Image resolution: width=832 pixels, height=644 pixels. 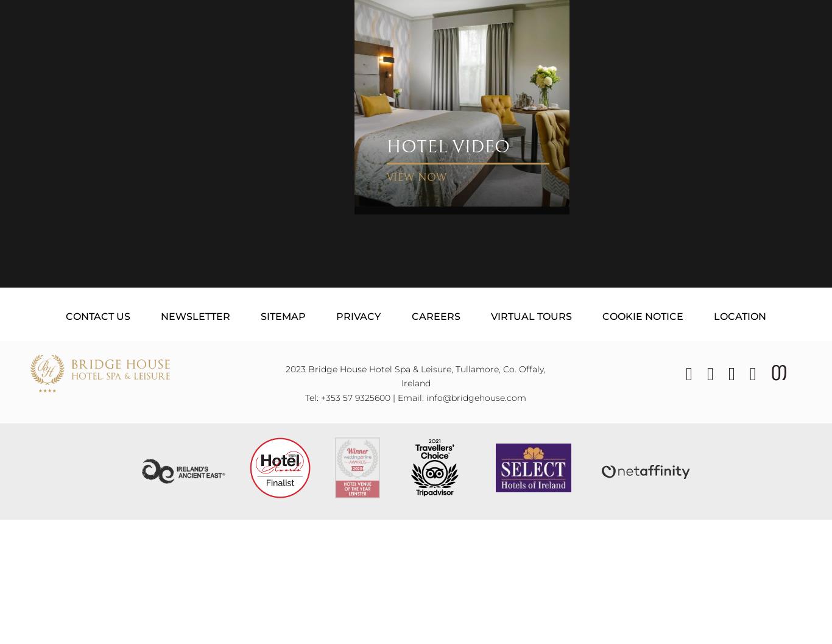 What do you see at coordinates (530, 316) in the screenshot?
I see `'Virtual Tours'` at bounding box center [530, 316].